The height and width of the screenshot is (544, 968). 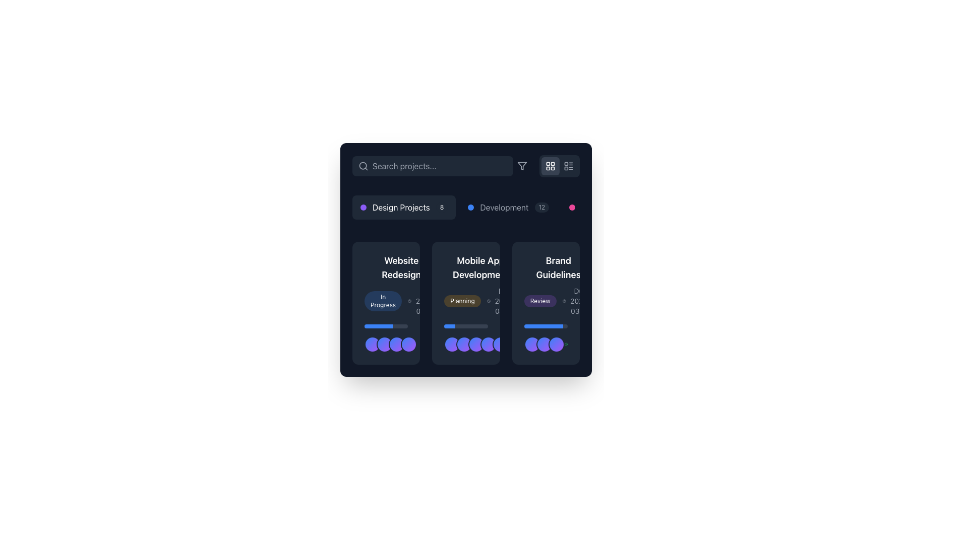 What do you see at coordinates (539, 300) in the screenshot?
I see `the rounded rectangular label with a purple background and the text 'Review', located in the third column of the 'Brand Guidelines' section, just below its title` at bounding box center [539, 300].